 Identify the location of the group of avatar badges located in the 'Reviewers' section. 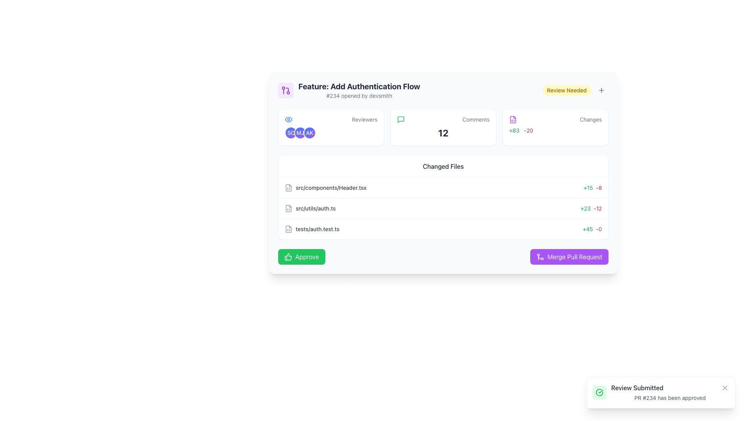
(331, 132).